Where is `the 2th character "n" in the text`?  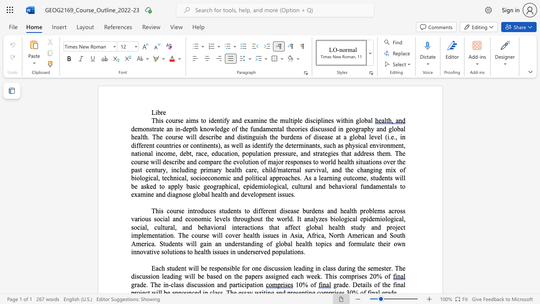
the 2th character "n" in the text is located at coordinates (335, 177).